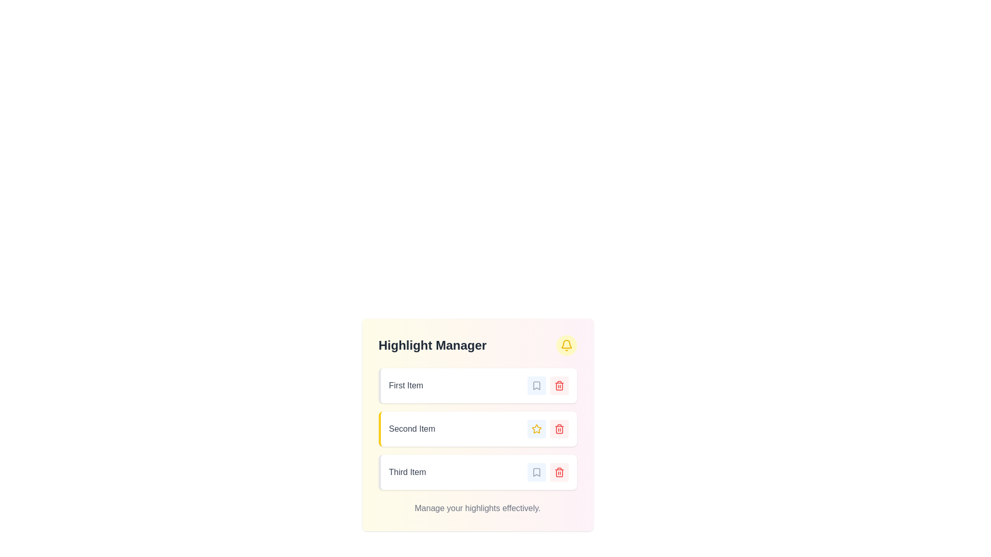 Image resolution: width=991 pixels, height=557 pixels. I want to click on the delete button located to the far right of the 'Second Item' entry in the 'Highlight Manager' section, so click(558, 429).